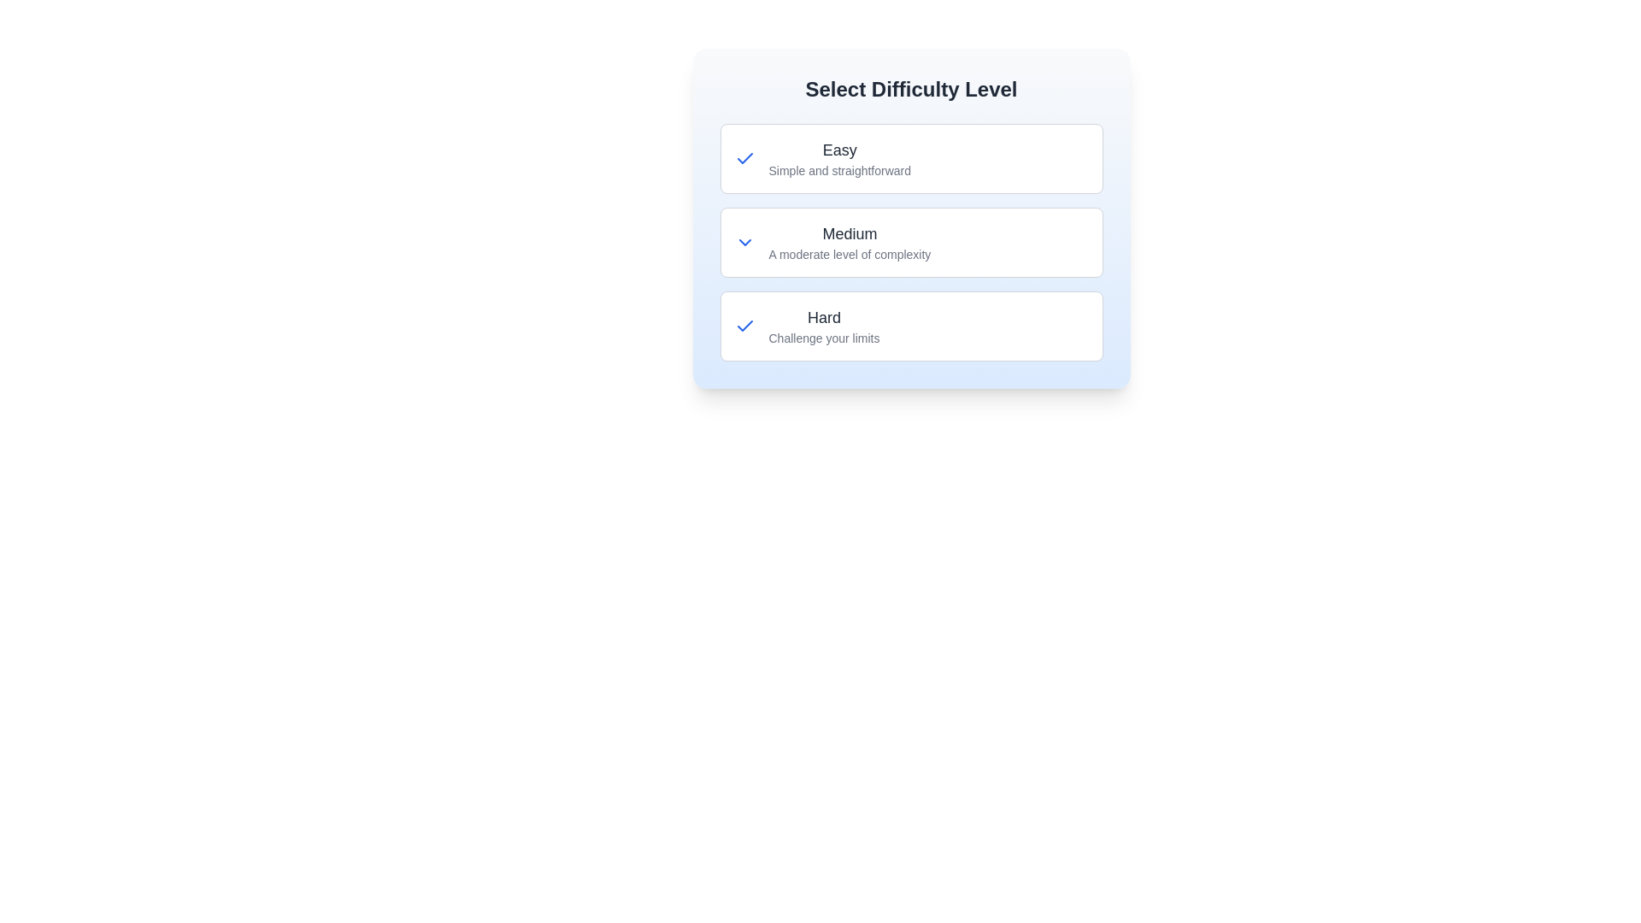 The width and height of the screenshot is (1641, 923). What do you see at coordinates (824, 317) in the screenshot?
I see `the 'Hard' difficulty level label, which is positioned above the descriptive text 'Challenge your limits' in the third option block of the difficulty levels list` at bounding box center [824, 317].